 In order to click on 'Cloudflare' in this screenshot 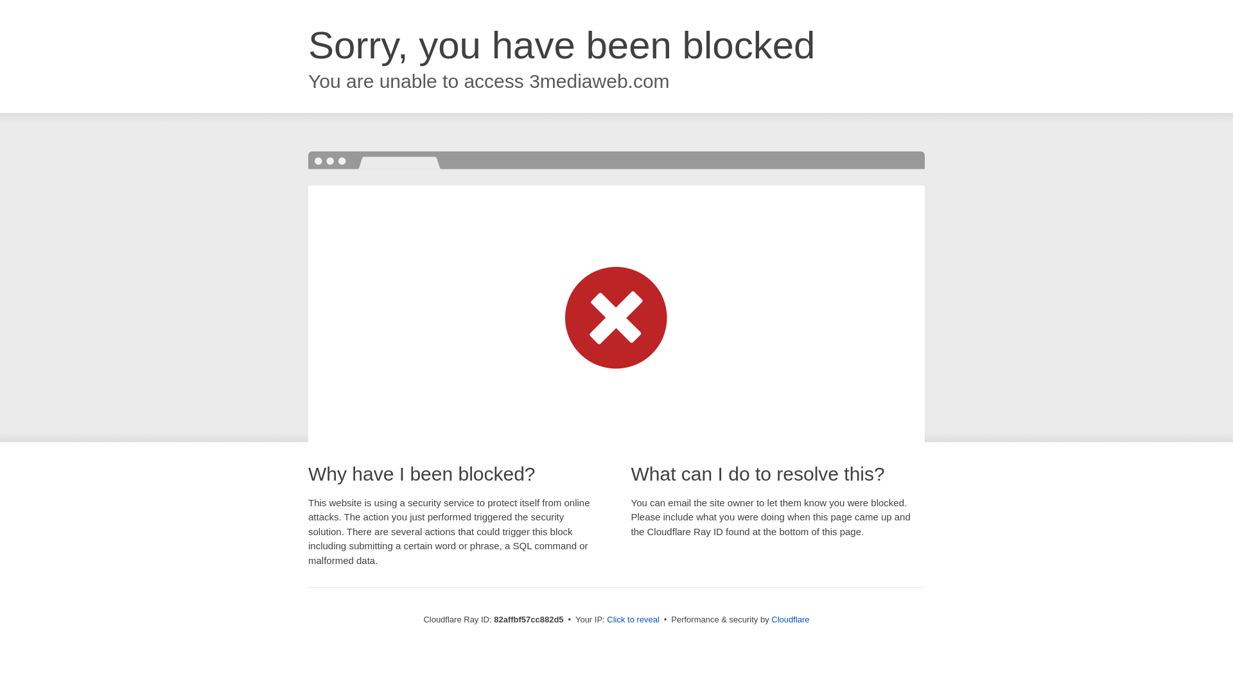, I will do `click(789, 619)`.